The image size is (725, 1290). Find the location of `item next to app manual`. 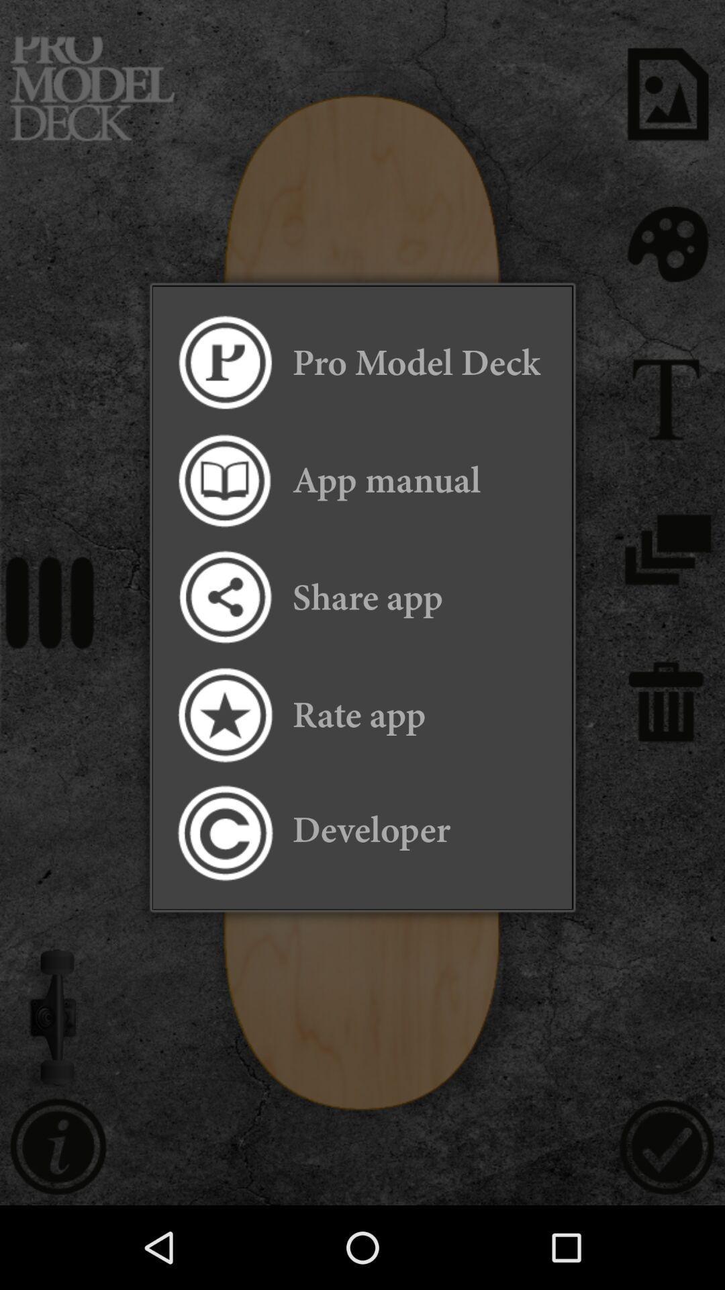

item next to app manual is located at coordinates (224, 480).